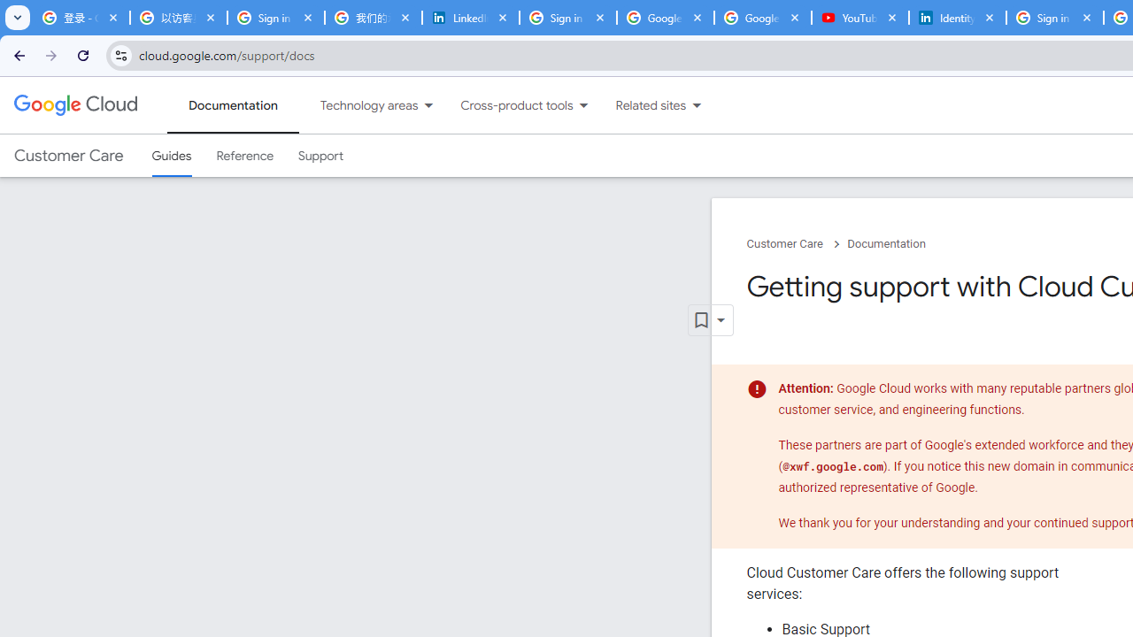 This screenshot has height=637, width=1133. What do you see at coordinates (886, 244) in the screenshot?
I see `'Documentation'` at bounding box center [886, 244].